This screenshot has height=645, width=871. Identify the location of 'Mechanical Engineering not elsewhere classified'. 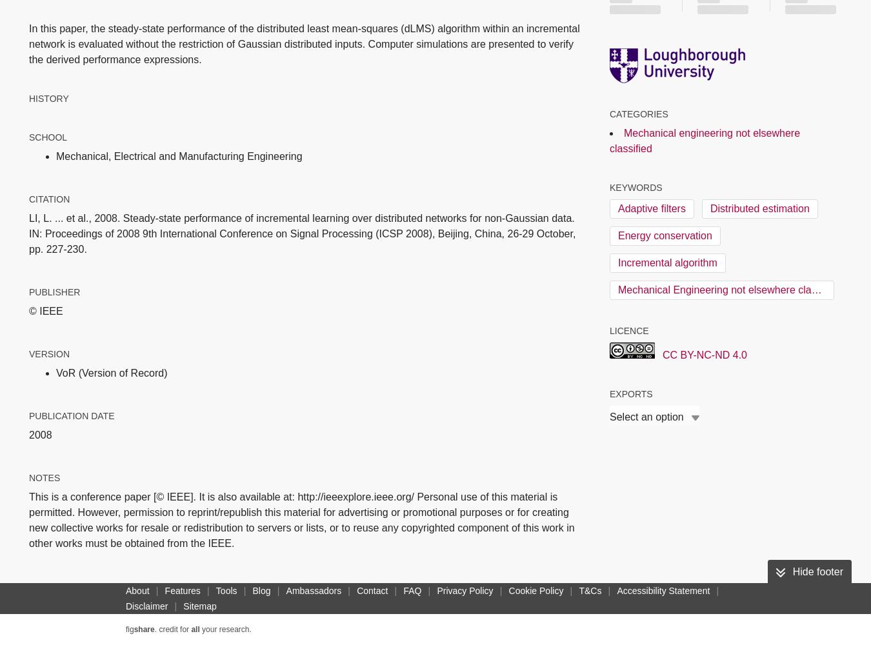
(728, 288).